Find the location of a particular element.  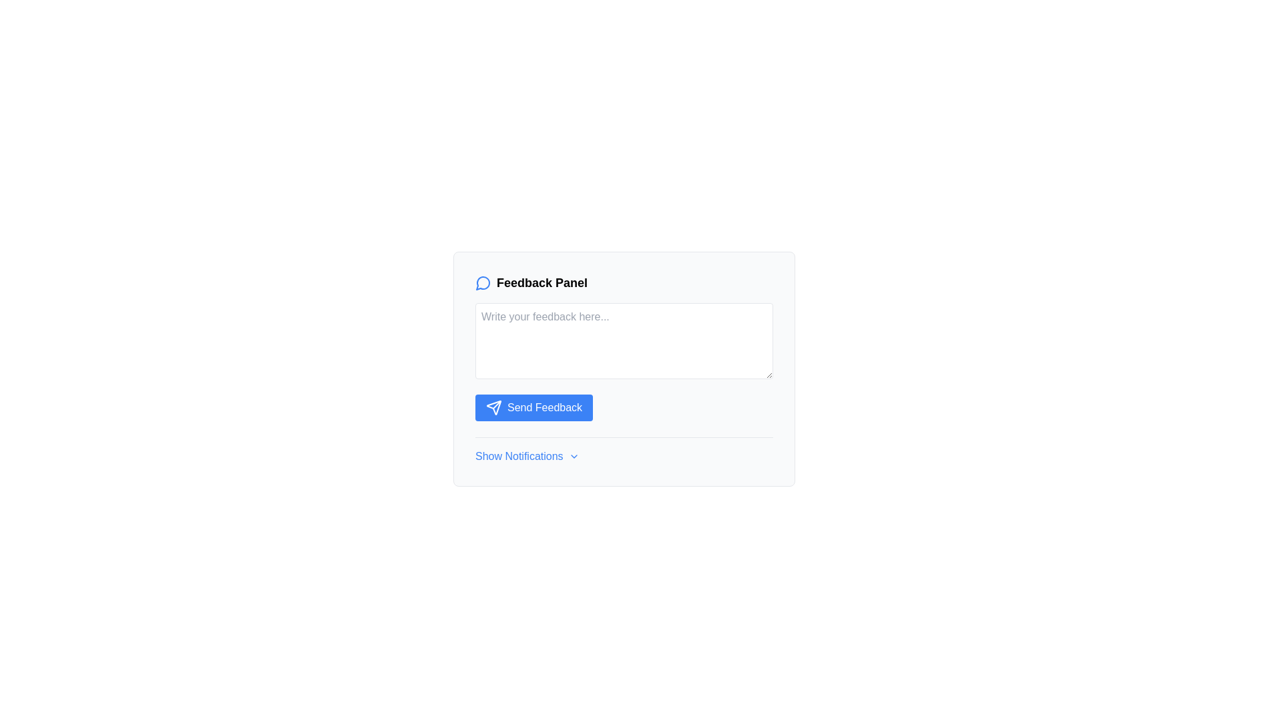

the feedback submission button located near the bottom-middle of the Feedback Panel to observe the hover effect is located at coordinates (534, 407).